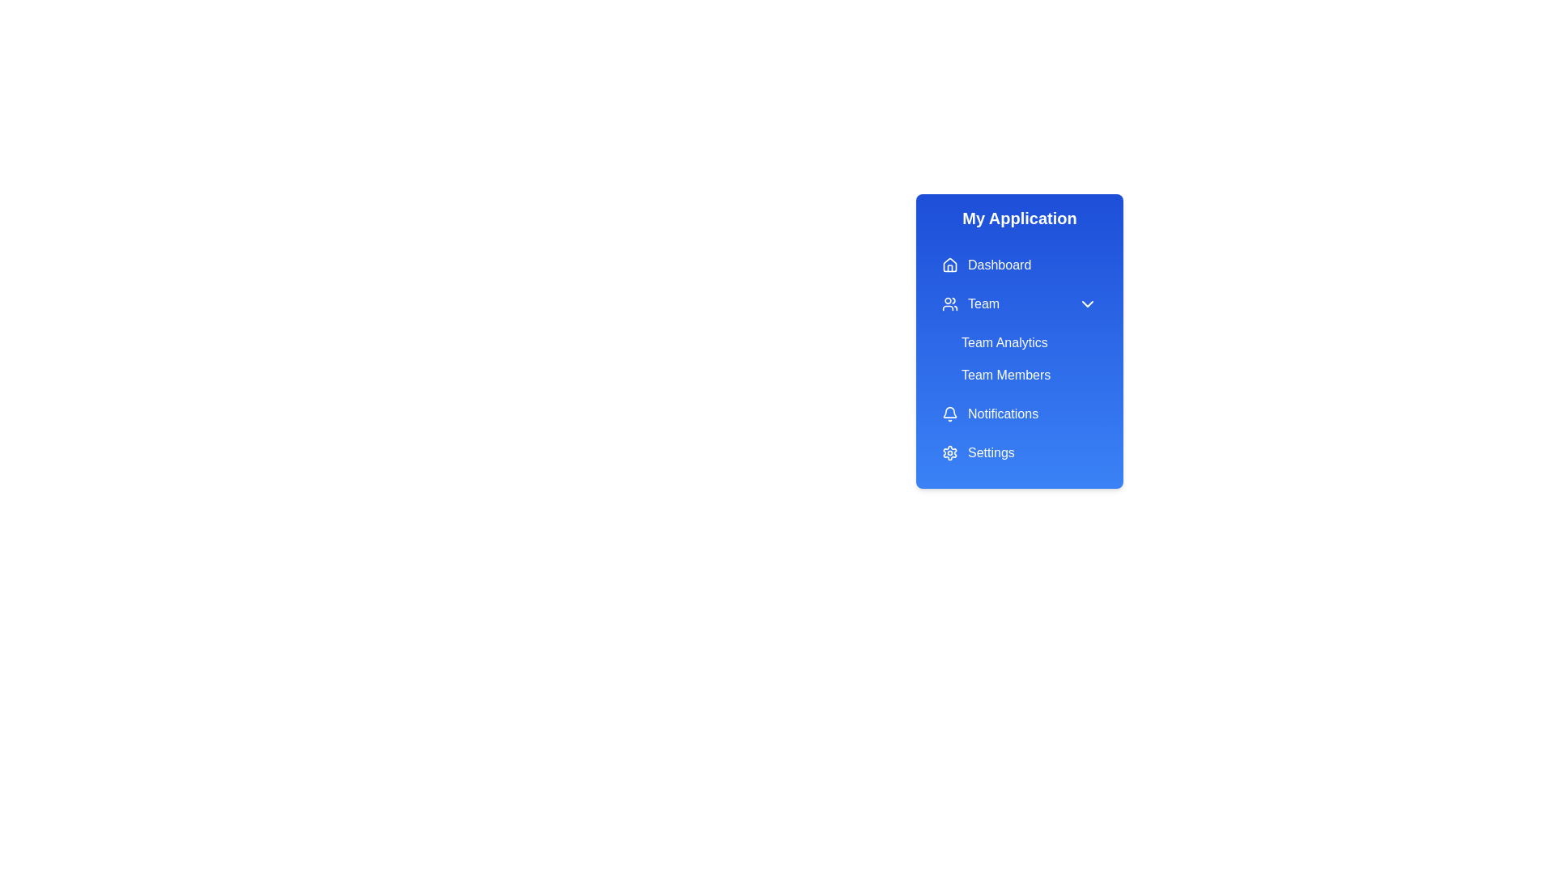 The height and width of the screenshot is (874, 1554). I want to click on the 'Team' navigation link, which features a user silhouette icon and is positioned, so click(970, 303).